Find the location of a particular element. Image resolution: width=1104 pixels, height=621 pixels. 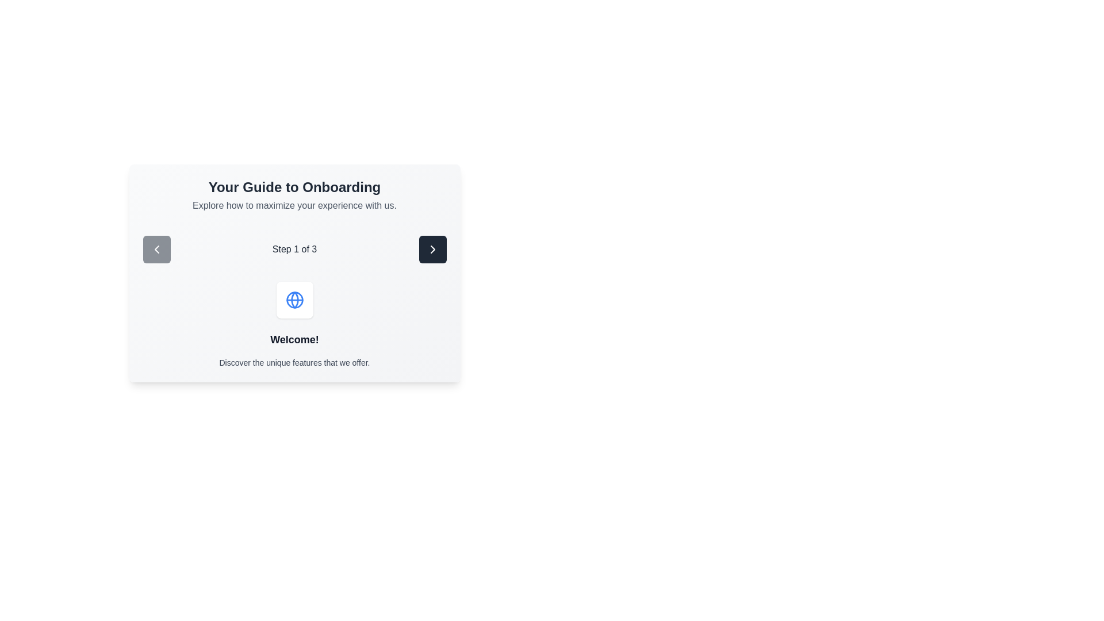

the text label indicating the current step number in the multi-step navigation process, which is centrally positioned between the back button and the next button is located at coordinates (294, 249).